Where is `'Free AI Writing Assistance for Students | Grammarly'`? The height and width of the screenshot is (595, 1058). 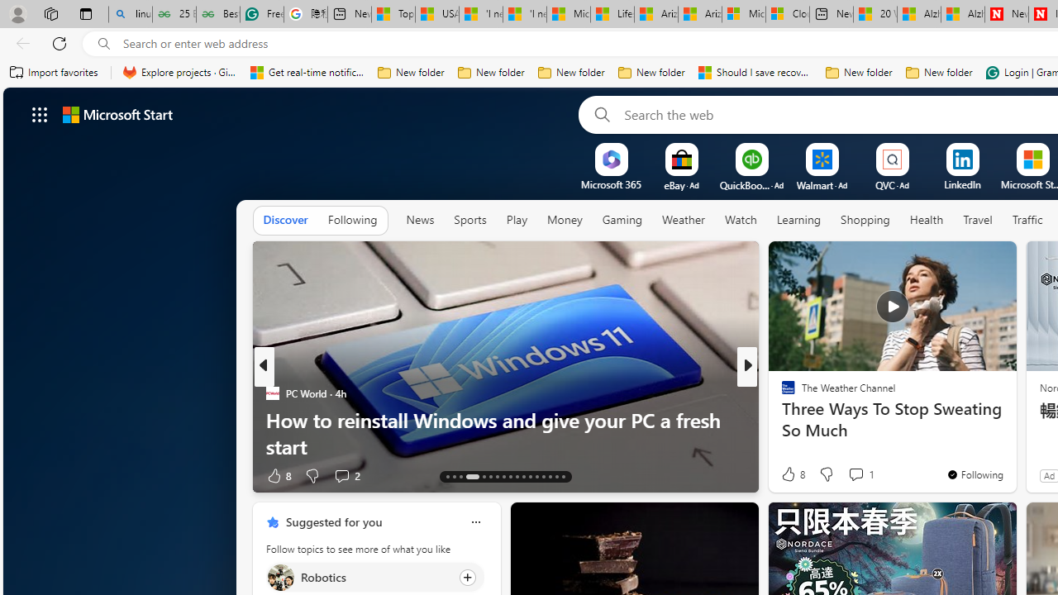
'Free AI Writing Assistance for Students | Grammarly' is located at coordinates (260, 14).